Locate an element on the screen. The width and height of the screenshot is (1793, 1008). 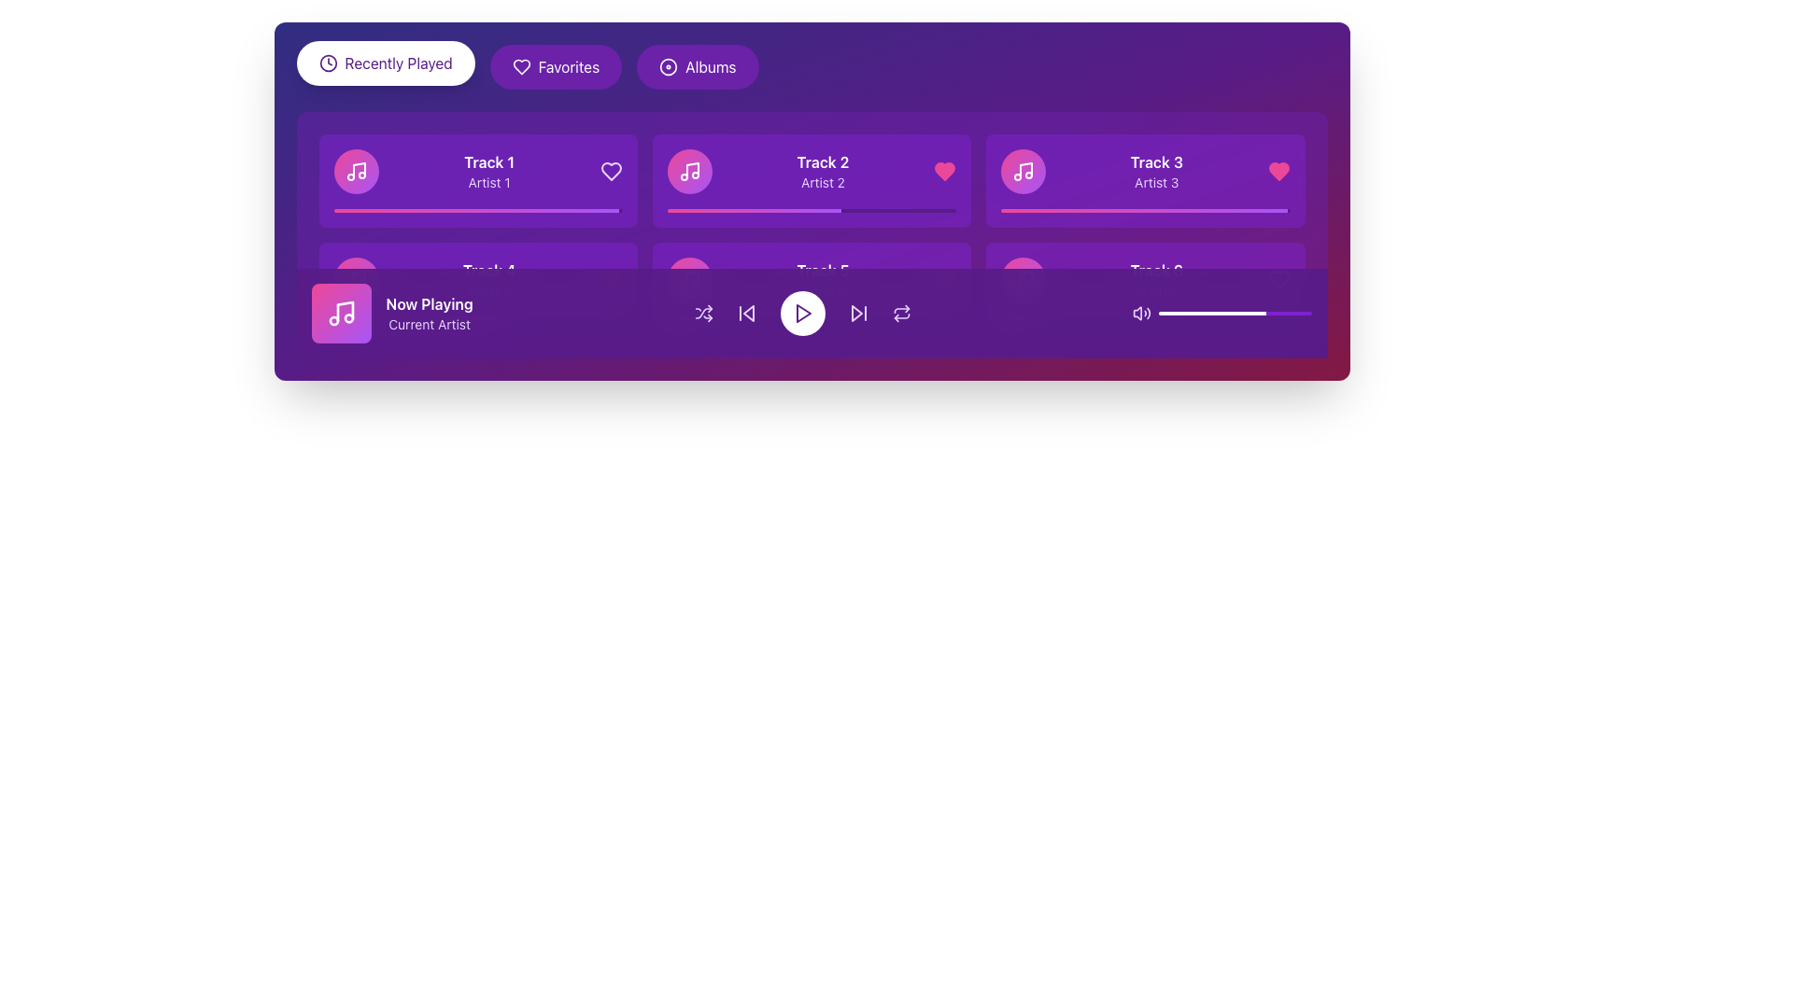
the circular button with a white background and a purple play icon is located at coordinates (803, 312).